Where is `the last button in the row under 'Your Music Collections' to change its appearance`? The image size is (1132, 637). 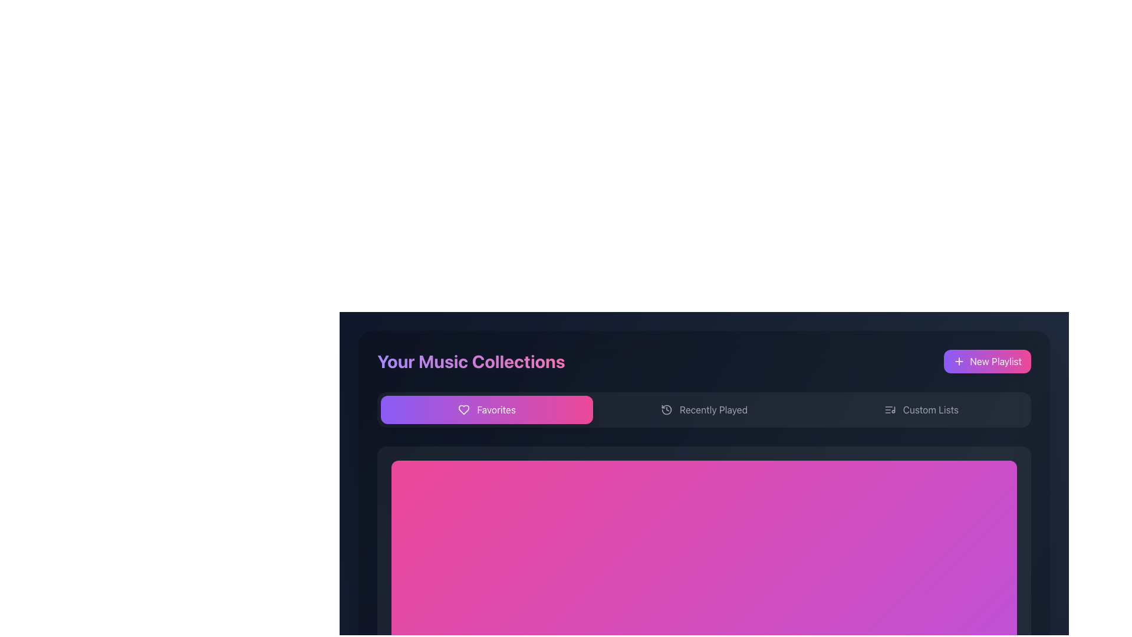
the last button in the row under 'Your Music Collections' to change its appearance is located at coordinates (920, 409).